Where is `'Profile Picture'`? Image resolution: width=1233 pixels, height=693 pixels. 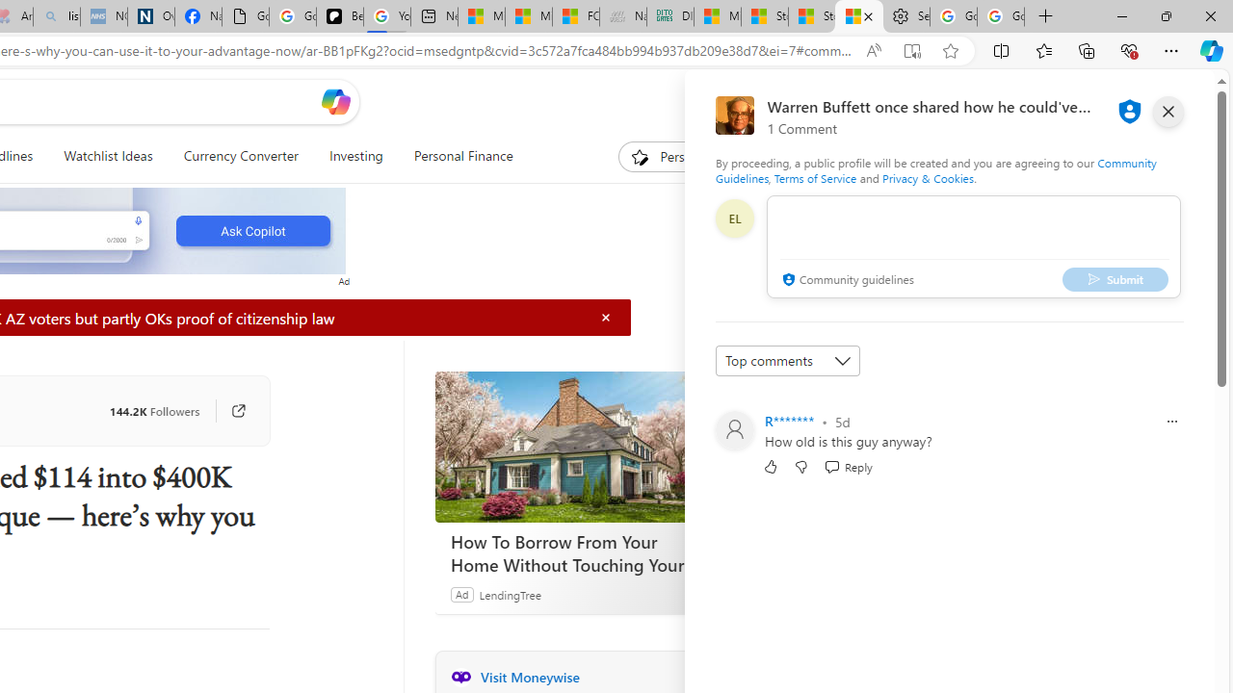
'Profile Picture' is located at coordinates (733, 429).